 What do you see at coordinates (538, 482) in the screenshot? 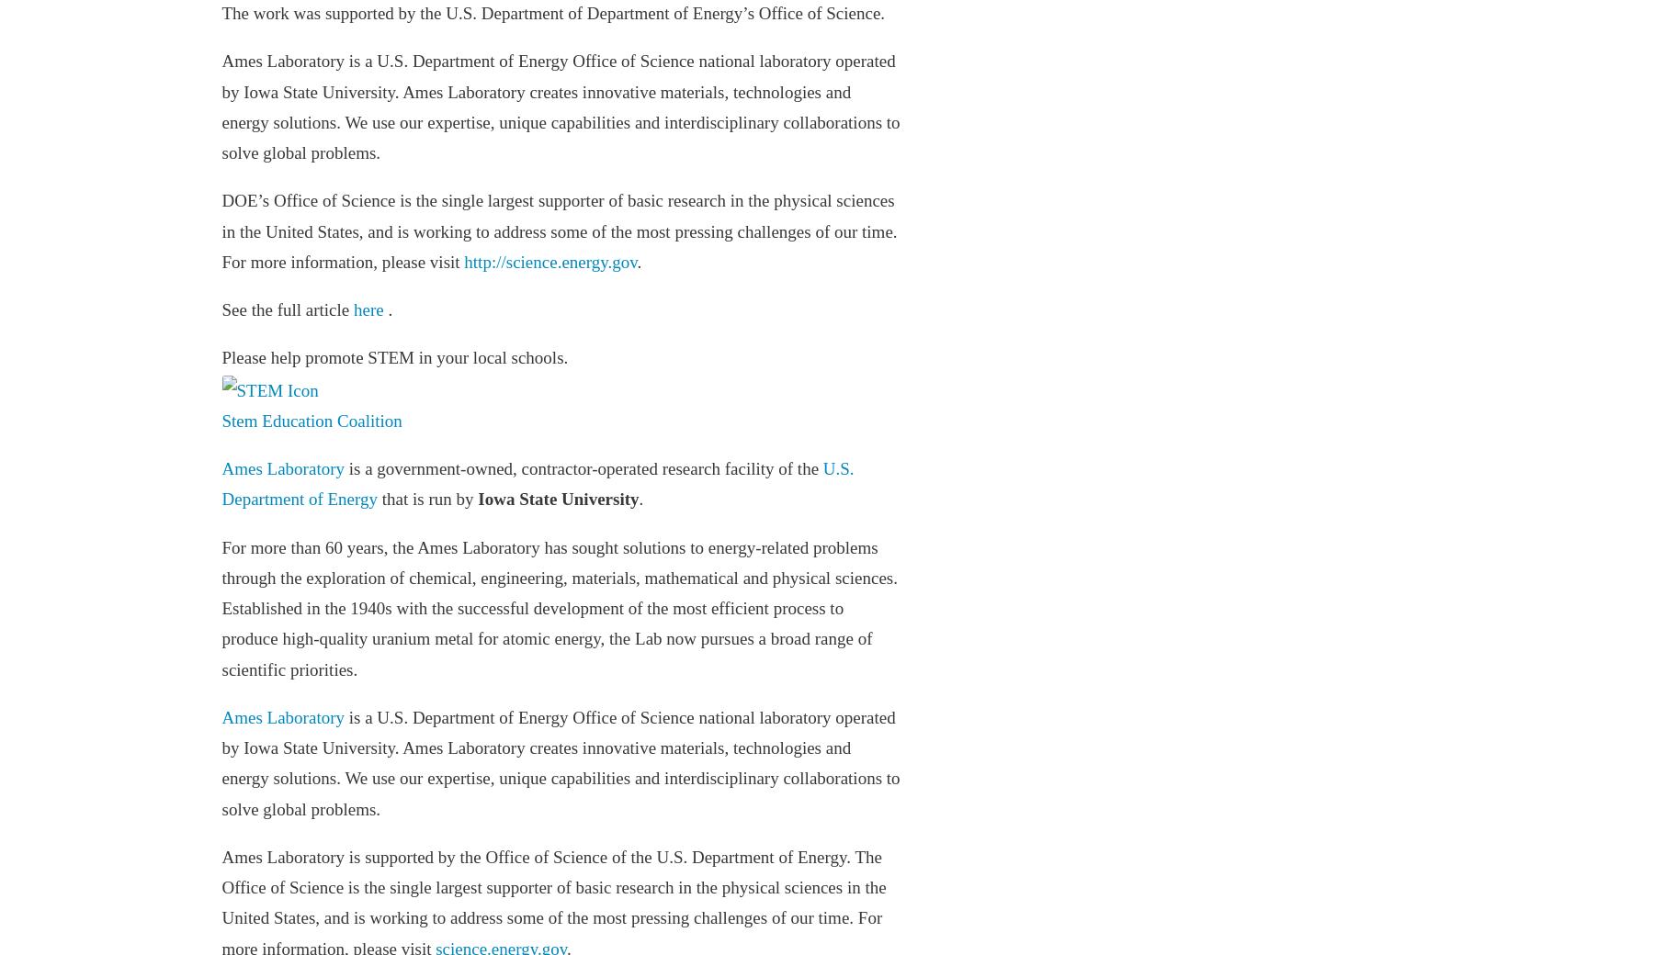
I see `'U.S. Department of Energy'` at bounding box center [538, 482].